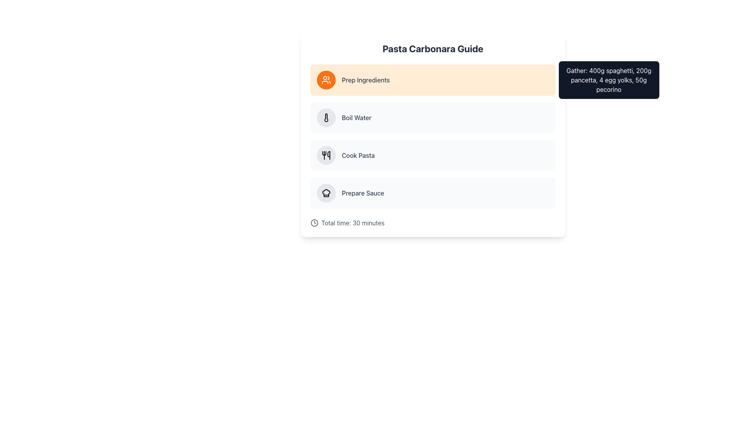 Image resolution: width=754 pixels, height=424 pixels. What do you see at coordinates (365, 80) in the screenshot?
I see `'Prep Ingredients' text label displayed in gray within the orange card` at bounding box center [365, 80].